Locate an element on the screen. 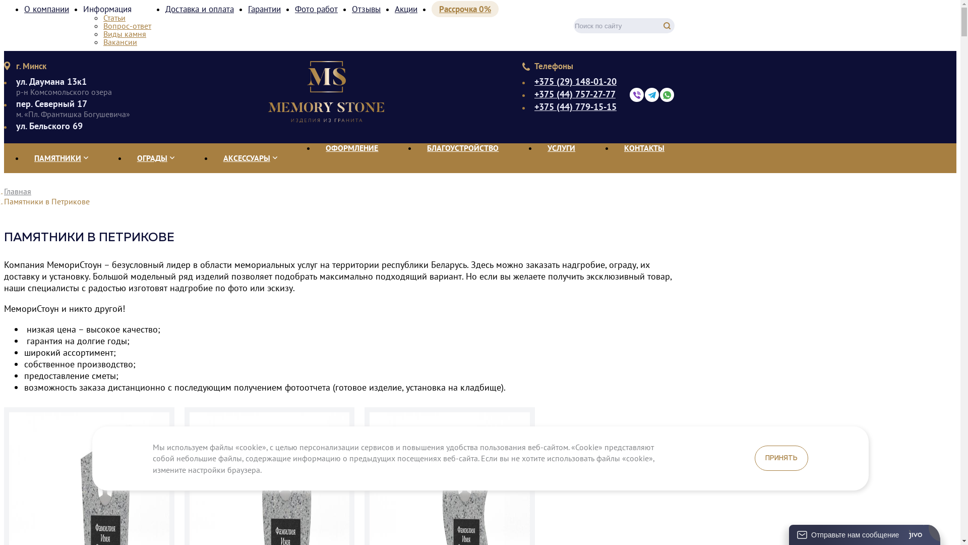 The image size is (968, 545). '+375 (44) 779-15-15' is located at coordinates (575, 107).